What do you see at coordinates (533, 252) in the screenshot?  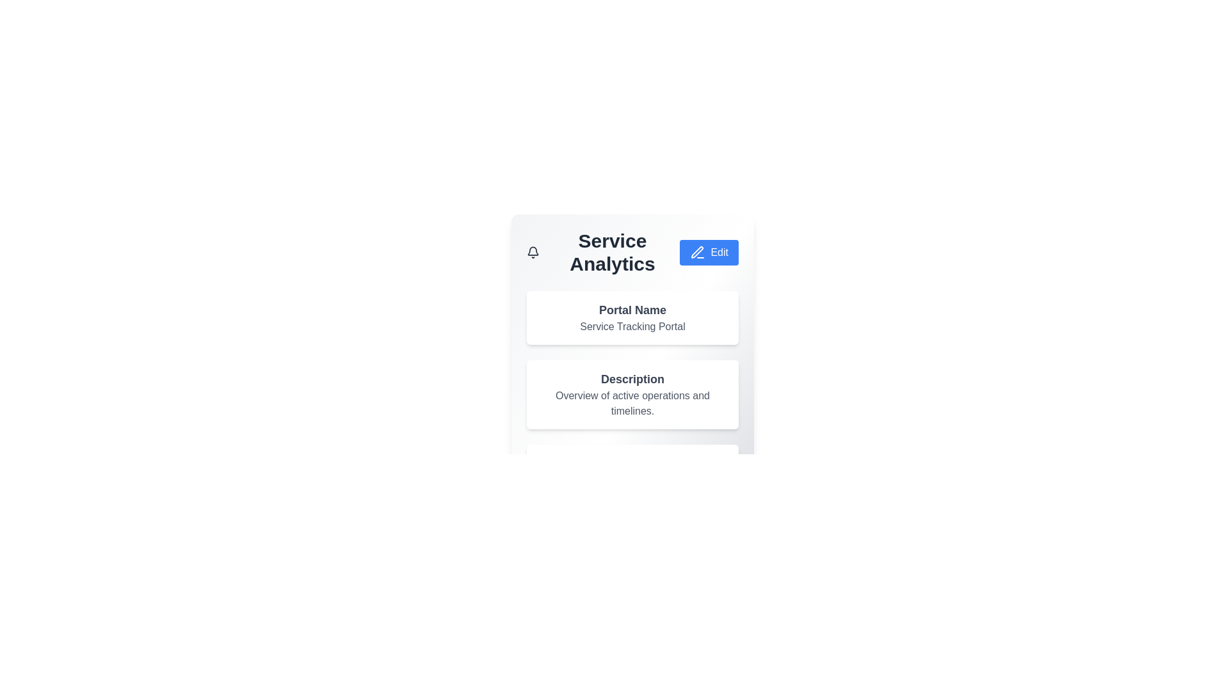 I see `the bell icon located to the left of the title text 'Service Analytics' in the header section` at bounding box center [533, 252].